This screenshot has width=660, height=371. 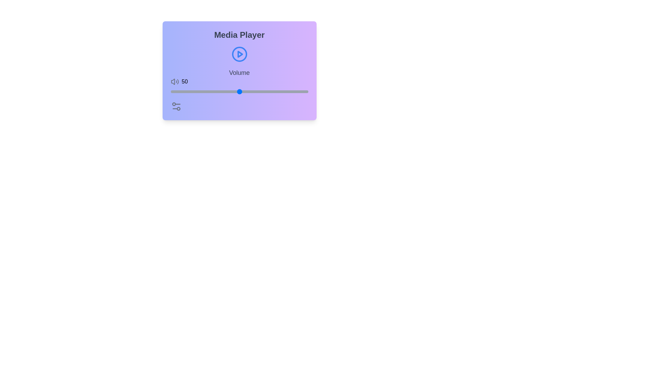 What do you see at coordinates (196, 91) in the screenshot?
I see `the volume level` at bounding box center [196, 91].